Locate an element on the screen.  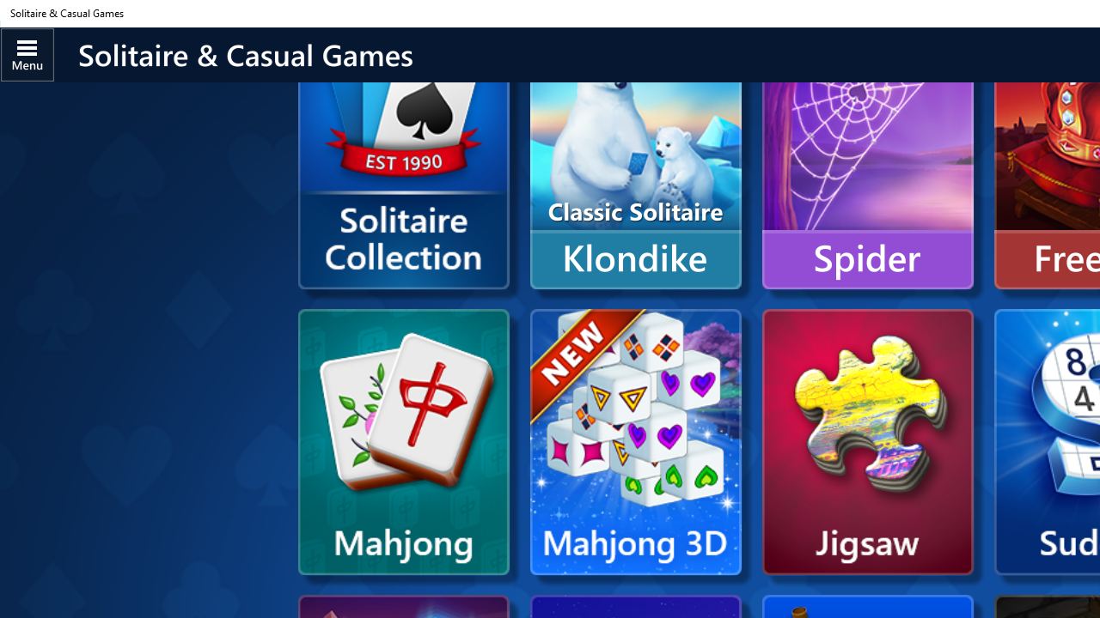
'Microsoft Jigsaw' is located at coordinates (867, 441).